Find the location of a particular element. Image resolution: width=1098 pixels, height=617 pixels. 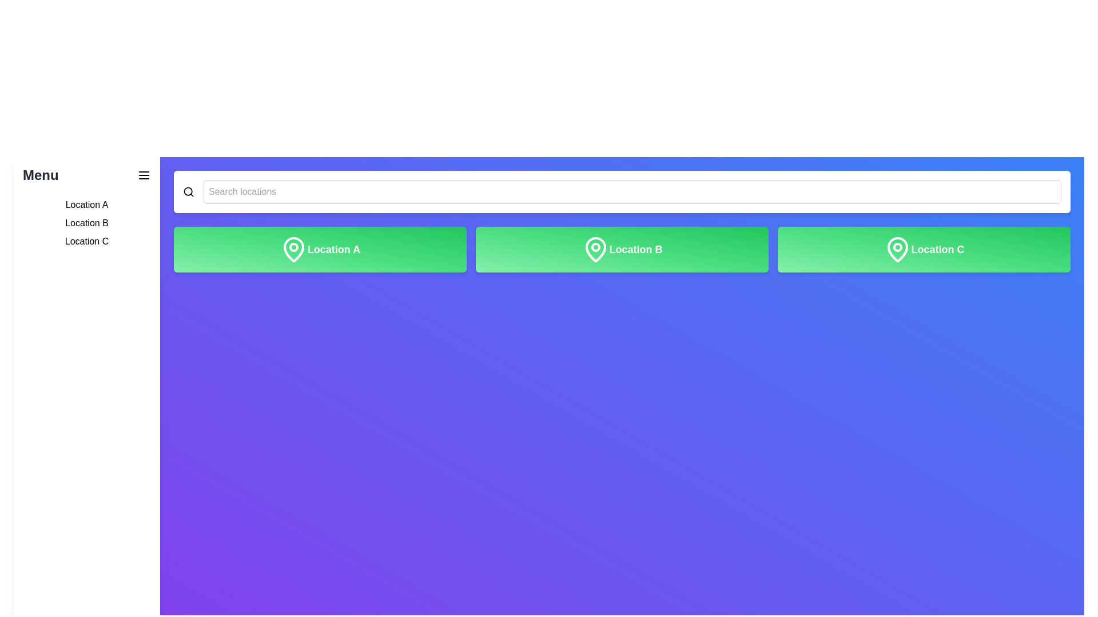

the toggle button located at the top-right corner of the sidebar section, adjacent to the text heading 'Menu' is located at coordinates (144, 175).